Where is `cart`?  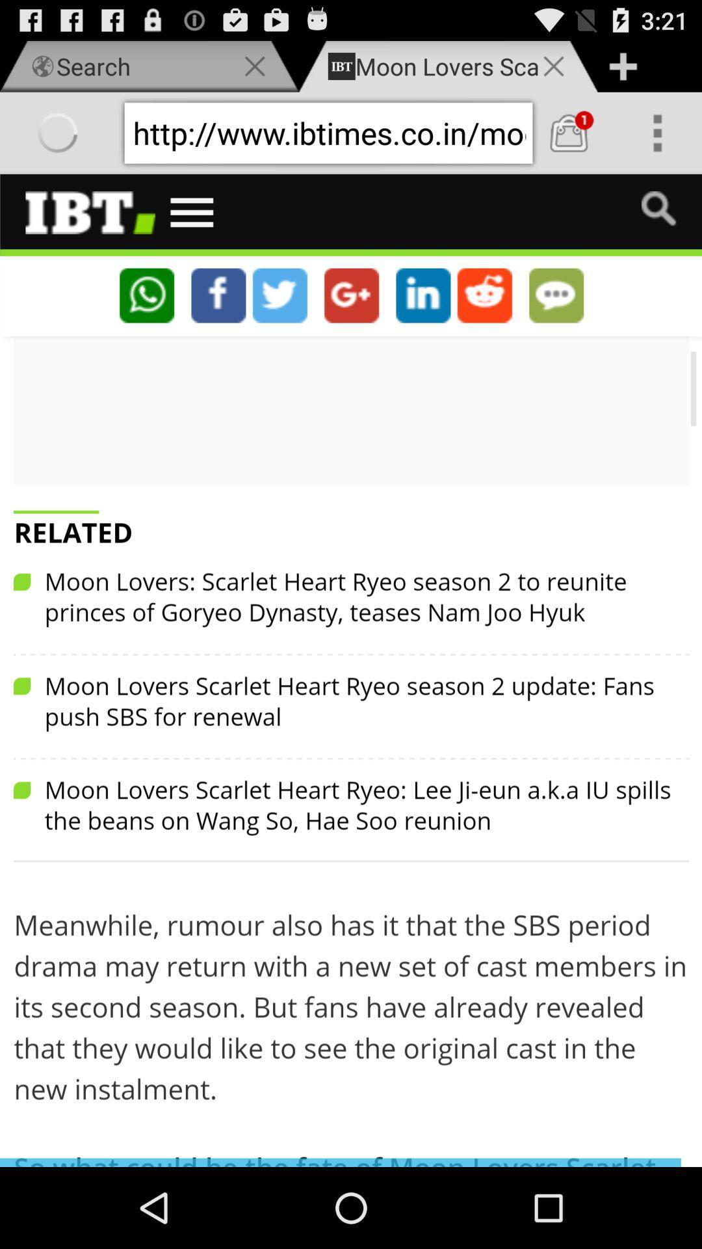 cart is located at coordinates (568, 133).